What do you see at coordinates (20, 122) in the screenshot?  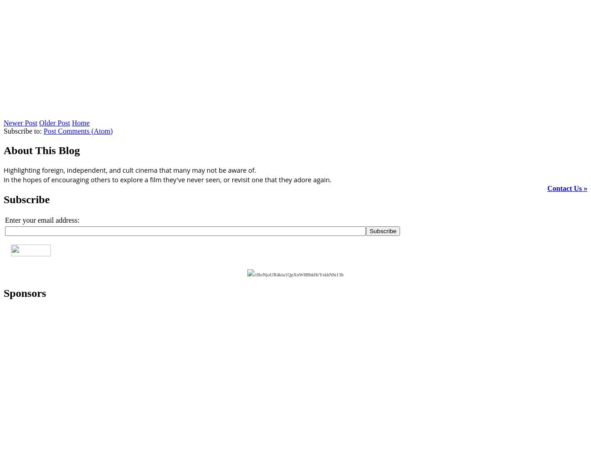 I see `'Newer Post'` at bounding box center [20, 122].